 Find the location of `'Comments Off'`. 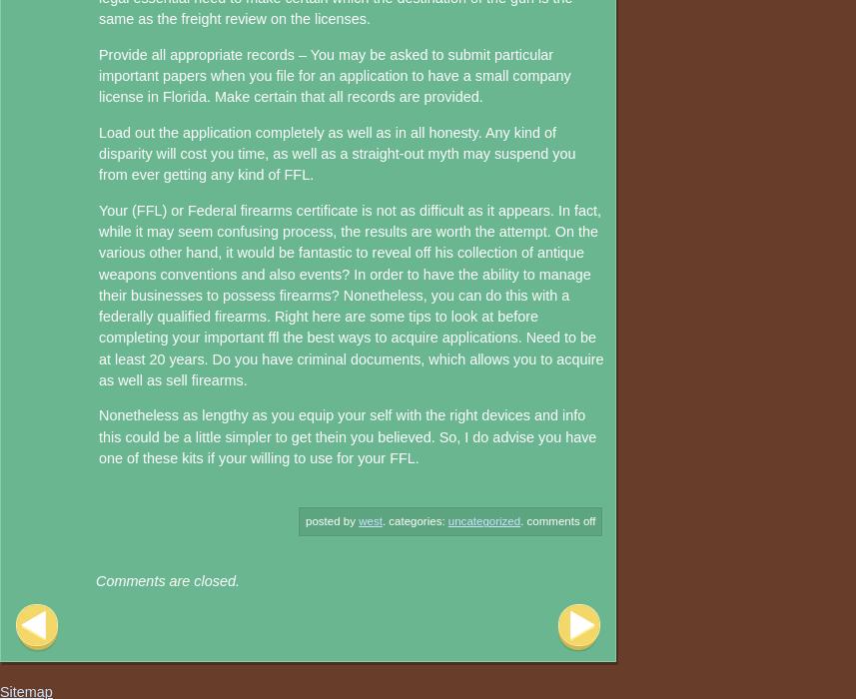

'Comments Off' is located at coordinates (524, 520).